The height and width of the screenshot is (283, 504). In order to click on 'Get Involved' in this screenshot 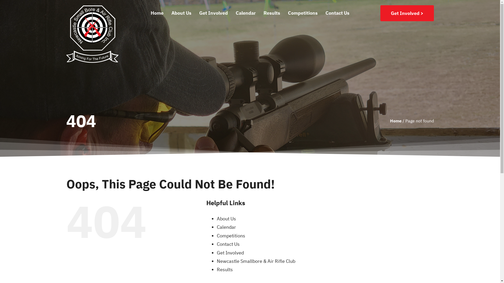, I will do `click(230, 252)`.